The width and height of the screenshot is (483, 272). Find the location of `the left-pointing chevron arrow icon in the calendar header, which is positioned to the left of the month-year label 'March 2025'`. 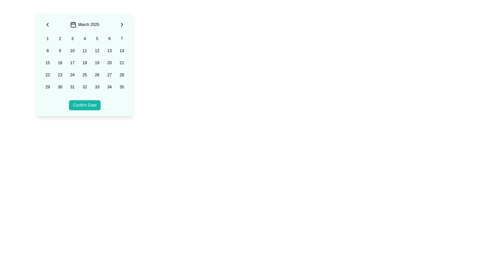

the left-pointing chevron arrow icon in the calendar header, which is positioned to the left of the month-year label 'March 2025' is located at coordinates (47, 24).